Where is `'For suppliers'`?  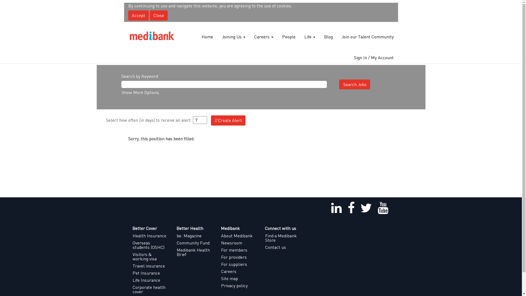 'For suppliers' is located at coordinates (239, 264).